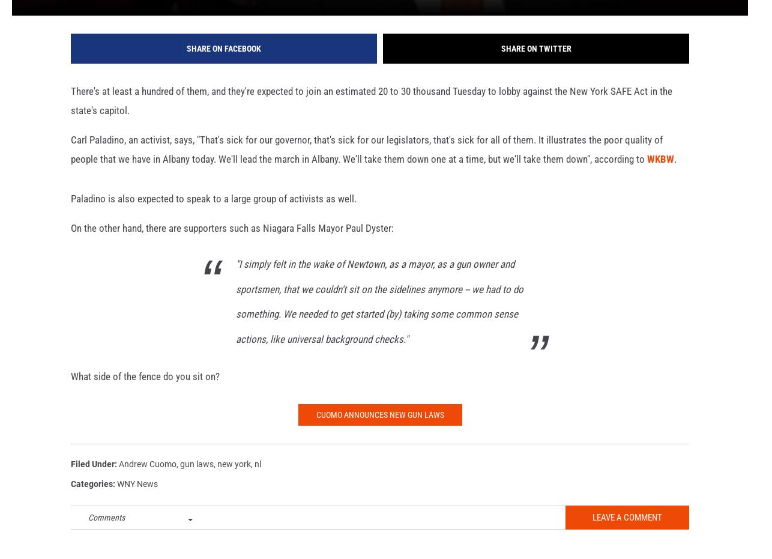  I want to click on '"I simply felt in the wake of Newtown, as a mayor, as a gun owner and sportsmen, that we couldn't sit on the sidelines anymore -- we had to do something. We needed to get started (by) taking some common sense actions, like universal background checks."', so click(379, 320).